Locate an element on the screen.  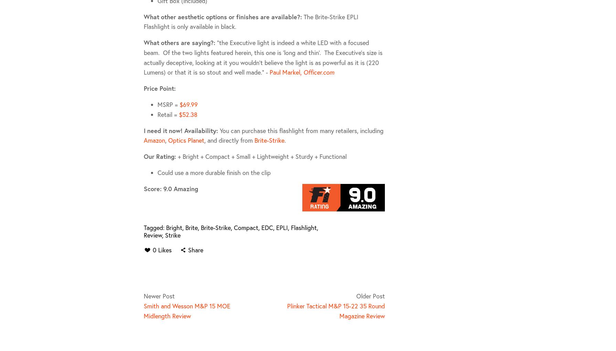
'Compact' is located at coordinates (246, 227).